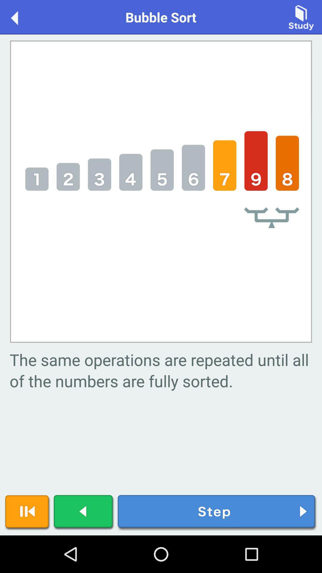  What do you see at coordinates (20, 17) in the screenshot?
I see `icon to the left of the bubble sort` at bounding box center [20, 17].